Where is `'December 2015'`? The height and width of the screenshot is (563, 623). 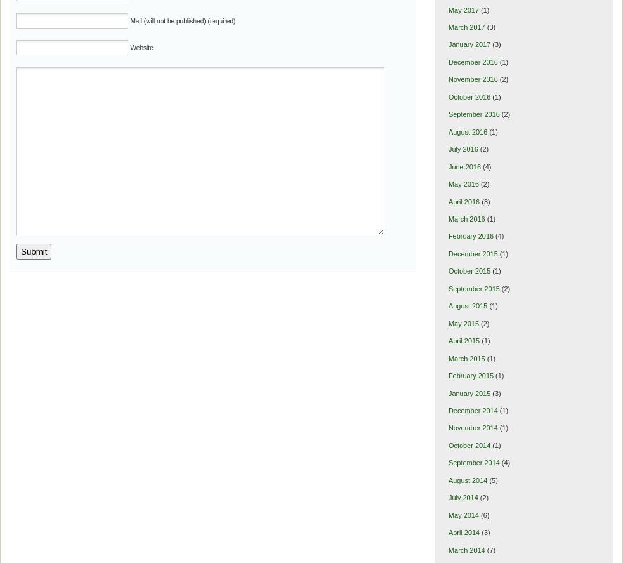 'December 2015' is located at coordinates (473, 253).